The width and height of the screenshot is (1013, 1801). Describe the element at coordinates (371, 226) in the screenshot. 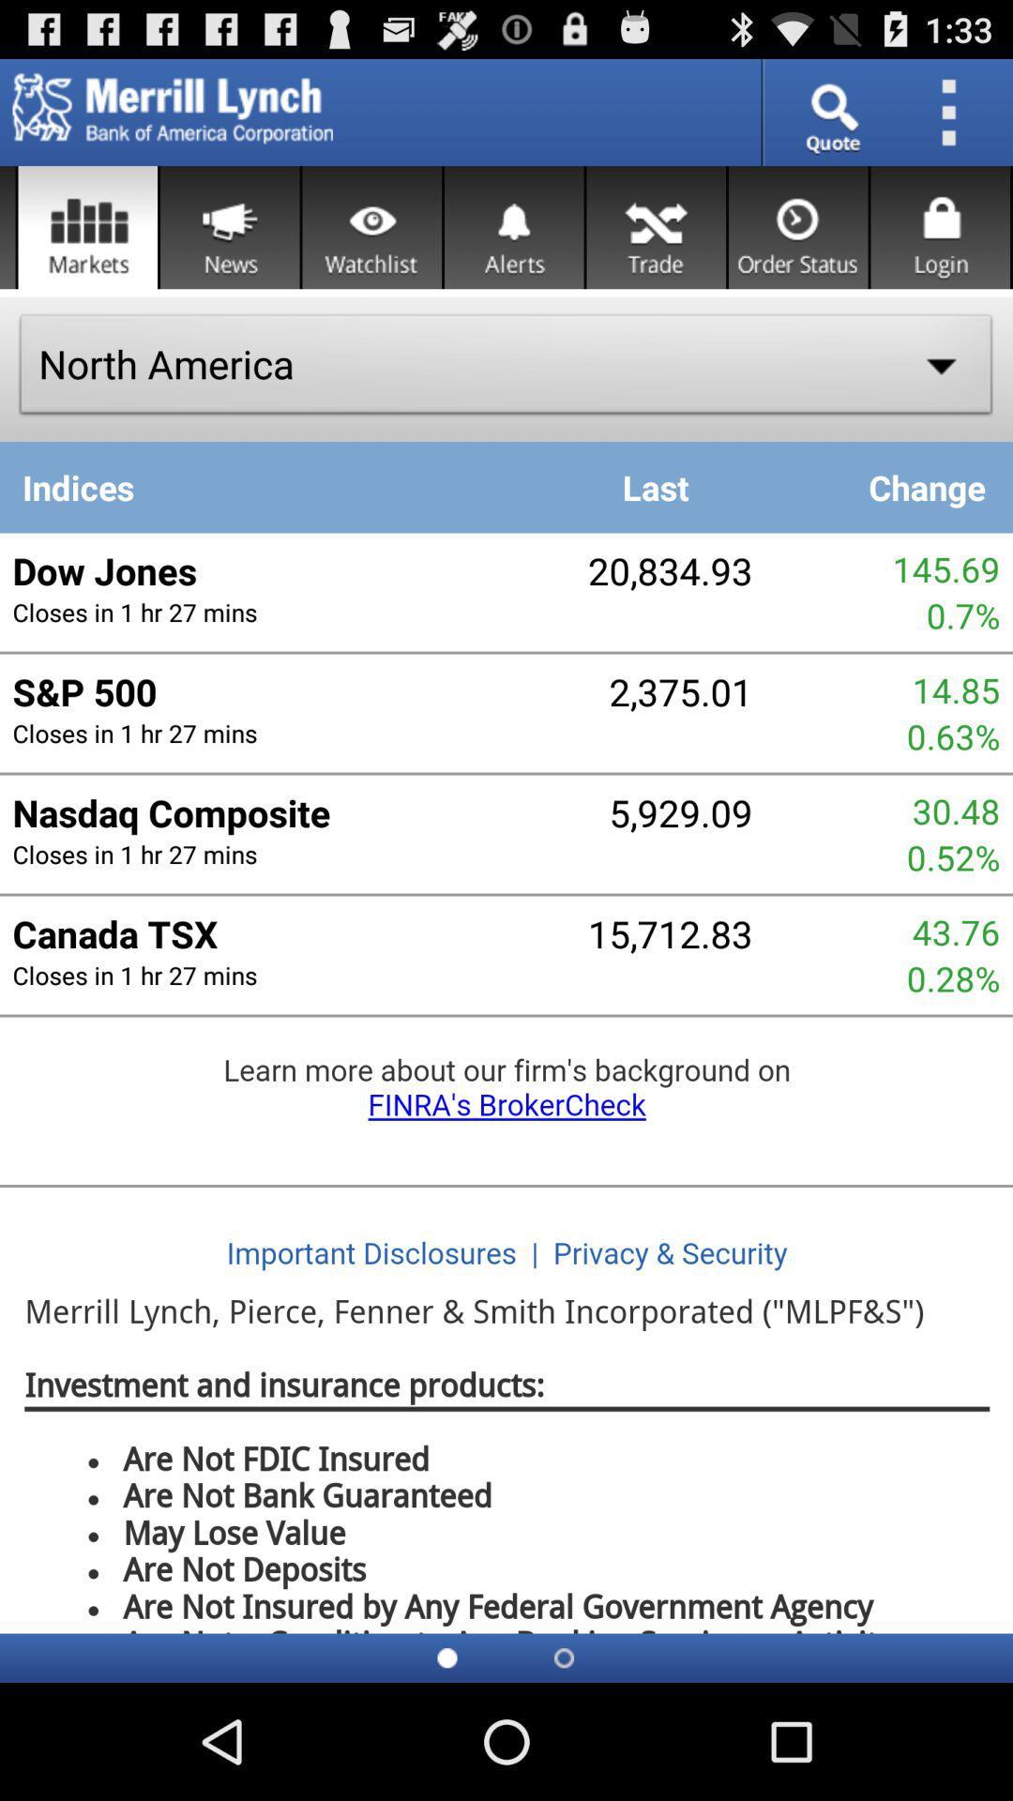

I see `the watchlist` at that location.